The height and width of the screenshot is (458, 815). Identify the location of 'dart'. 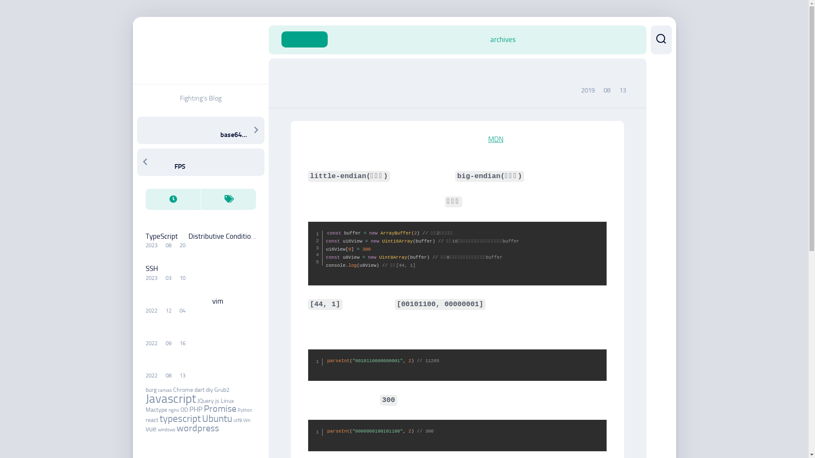
(199, 390).